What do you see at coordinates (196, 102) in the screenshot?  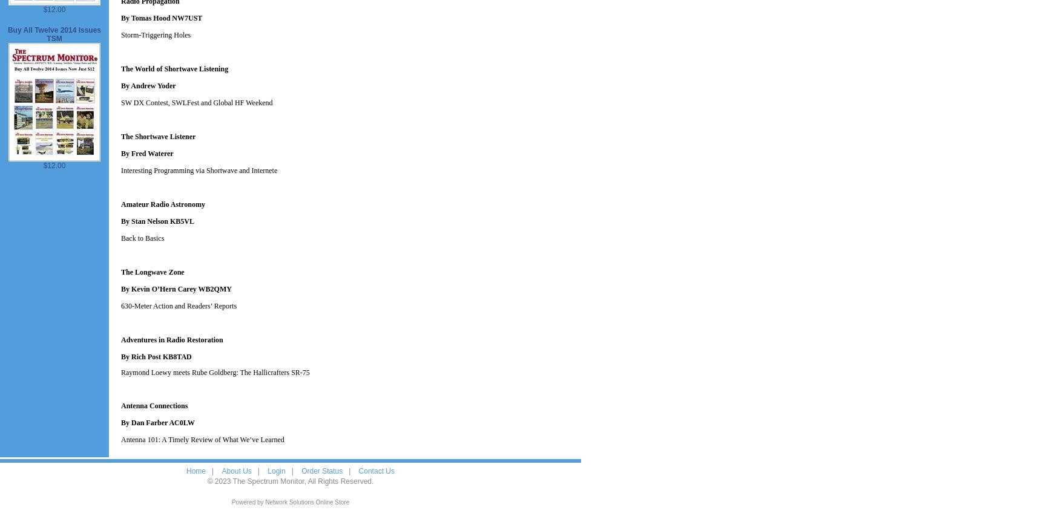 I see `'SW DX Contest, SWLFest and Global HF
Weekend'` at bounding box center [196, 102].